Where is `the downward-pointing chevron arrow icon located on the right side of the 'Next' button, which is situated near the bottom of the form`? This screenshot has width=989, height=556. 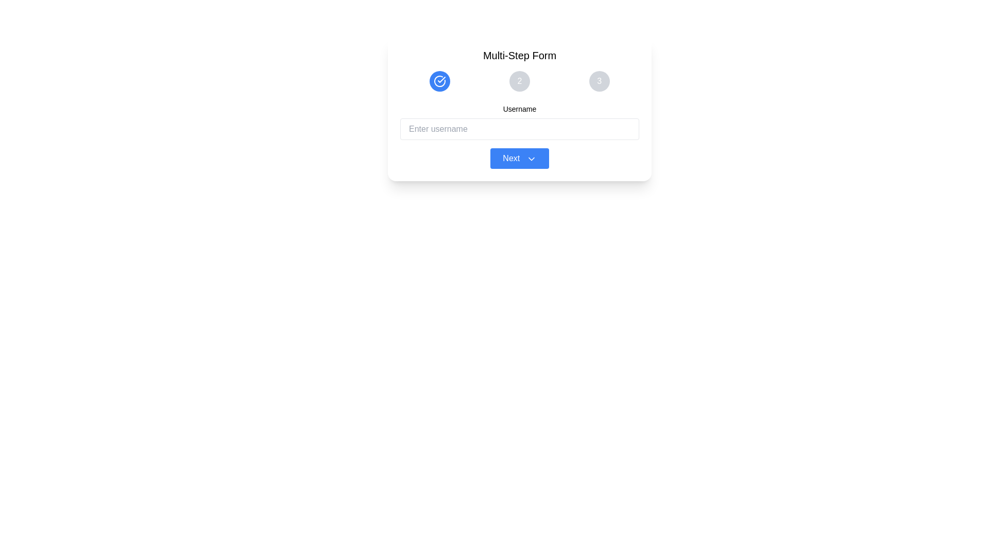
the downward-pointing chevron arrow icon located on the right side of the 'Next' button, which is situated near the bottom of the form is located at coordinates (531, 159).